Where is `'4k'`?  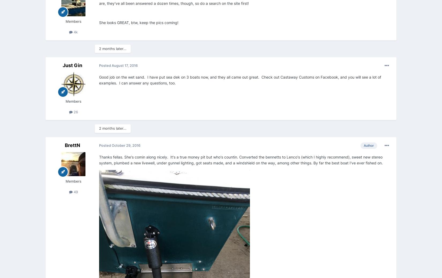 '4k' is located at coordinates (75, 31).